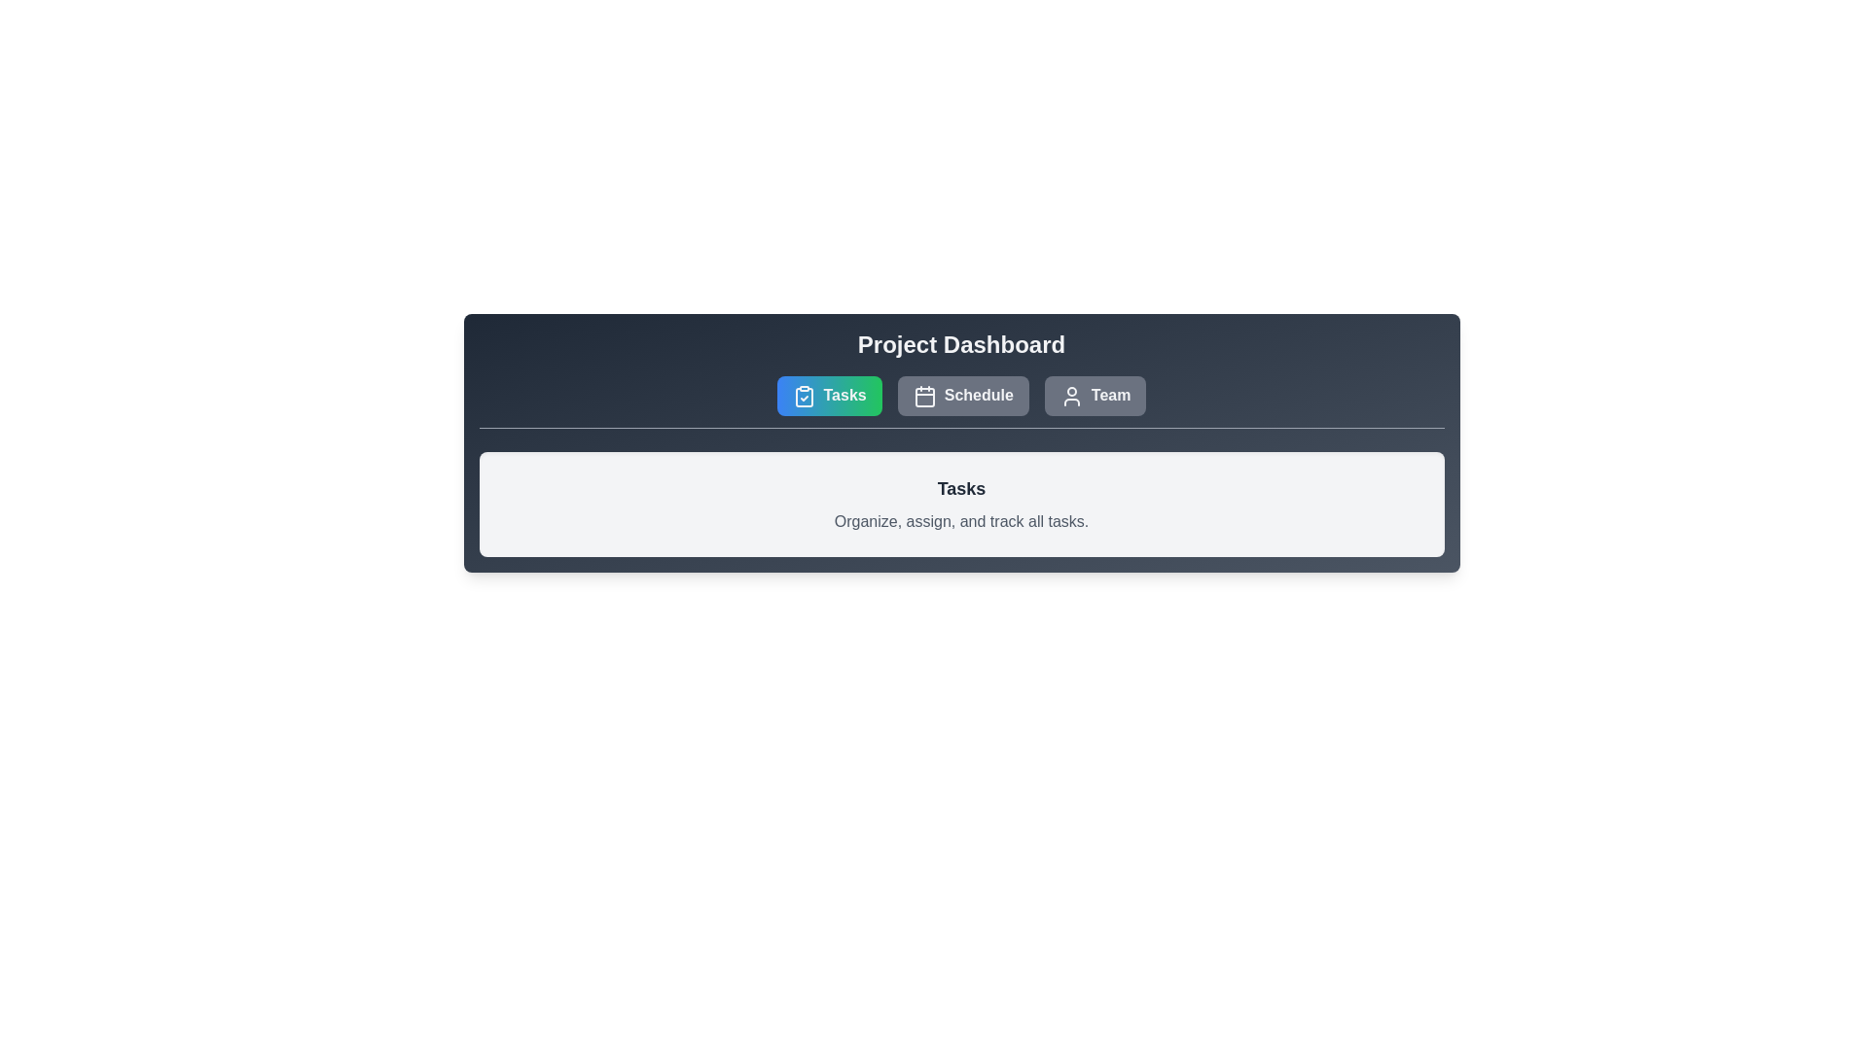 This screenshot has height=1050, width=1868. Describe the element at coordinates (829, 395) in the screenshot. I see `the rounded rectangular button labeled 'Tasks' with a clipboard icon` at that location.